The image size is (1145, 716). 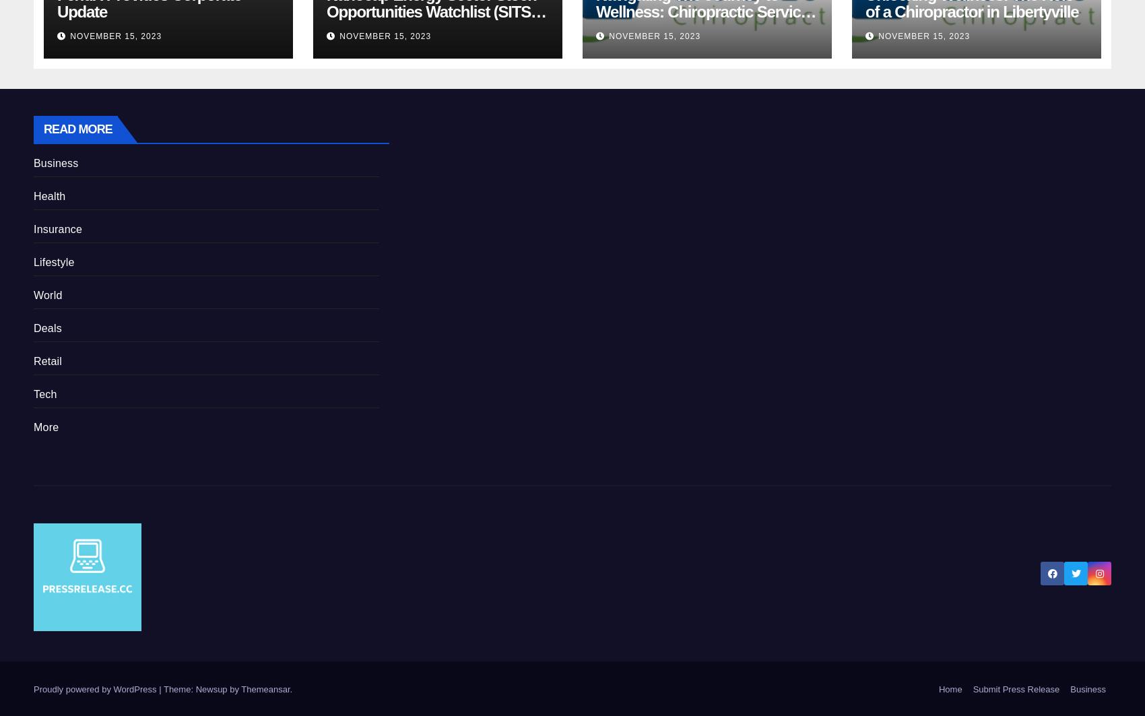 What do you see at coordinates (44, 393) in the screenshot?
I see `'Tech'` at bounding box center [44, 393].